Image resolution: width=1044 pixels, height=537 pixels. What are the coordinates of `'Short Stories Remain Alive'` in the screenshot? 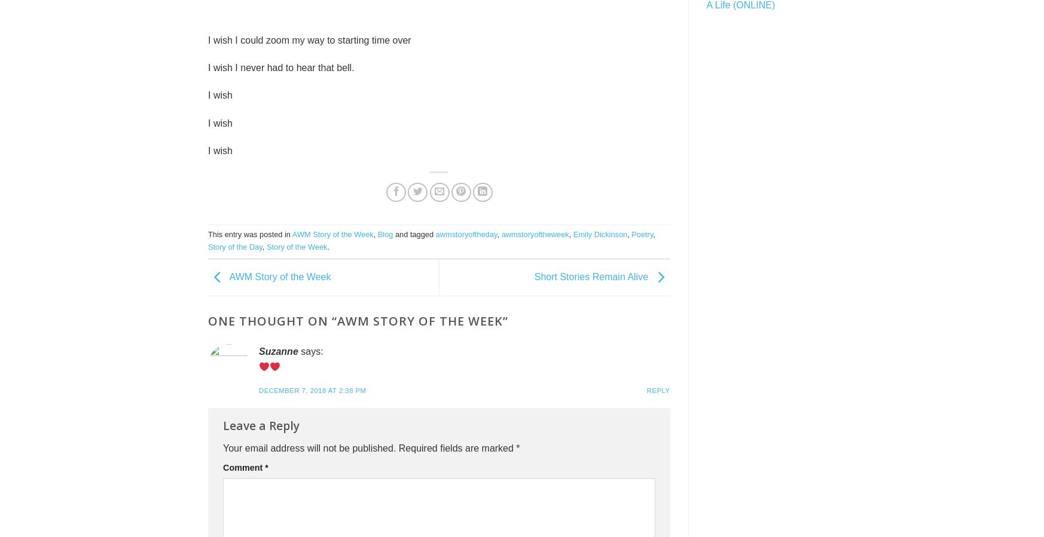 It's located at (592, 277).